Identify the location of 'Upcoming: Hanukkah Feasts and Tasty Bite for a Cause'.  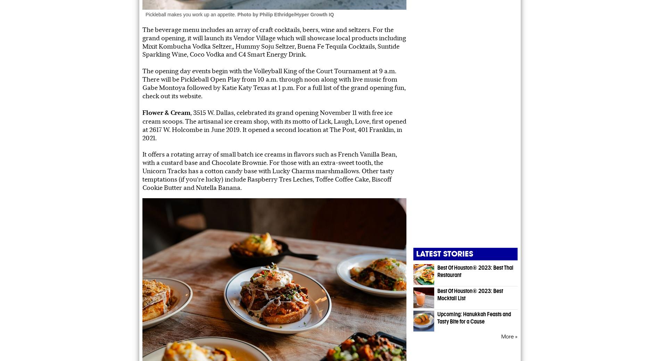
(473, 317).